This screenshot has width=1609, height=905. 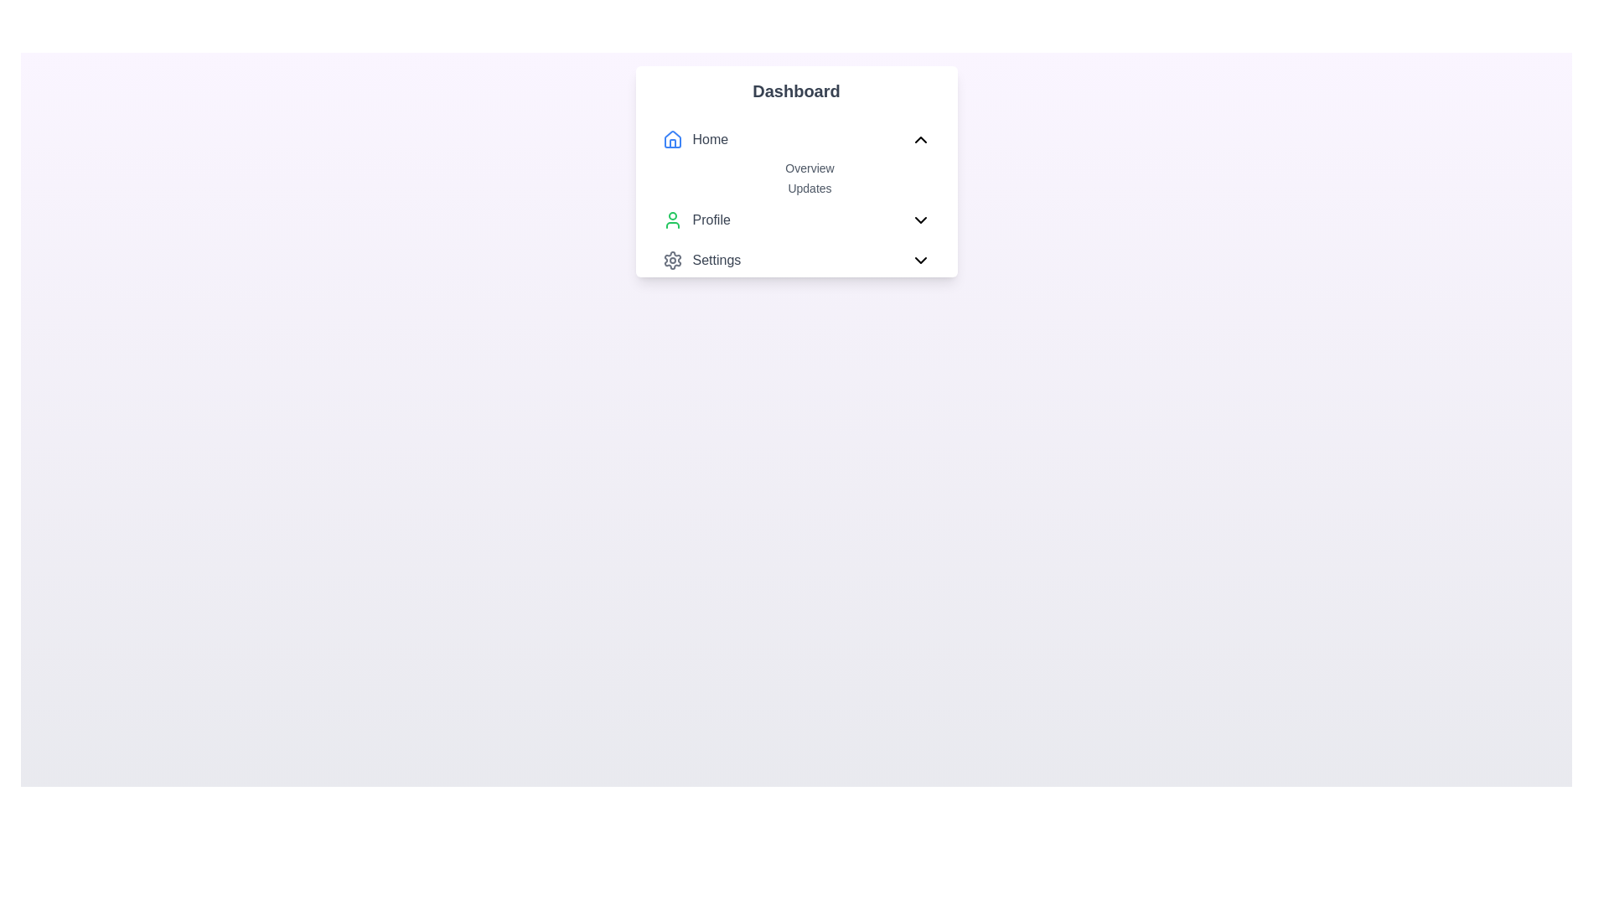 What do you see at coordinates (919, 138) in the screenshot?
I see `the small upward-pointing chevron icon with a black outline located to the right of the 'Home' entry in the navigation menu` at bounding box center [919, 138].